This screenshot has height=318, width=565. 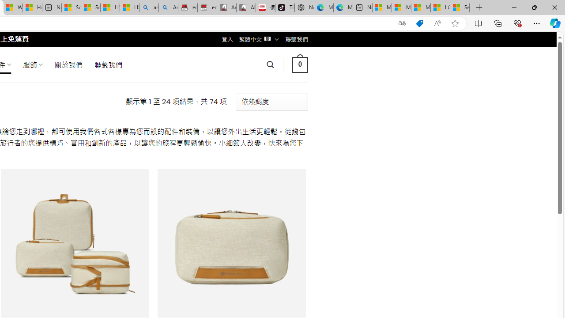 I want to click on 'All Cubot phones', so click(x=246, y=8).